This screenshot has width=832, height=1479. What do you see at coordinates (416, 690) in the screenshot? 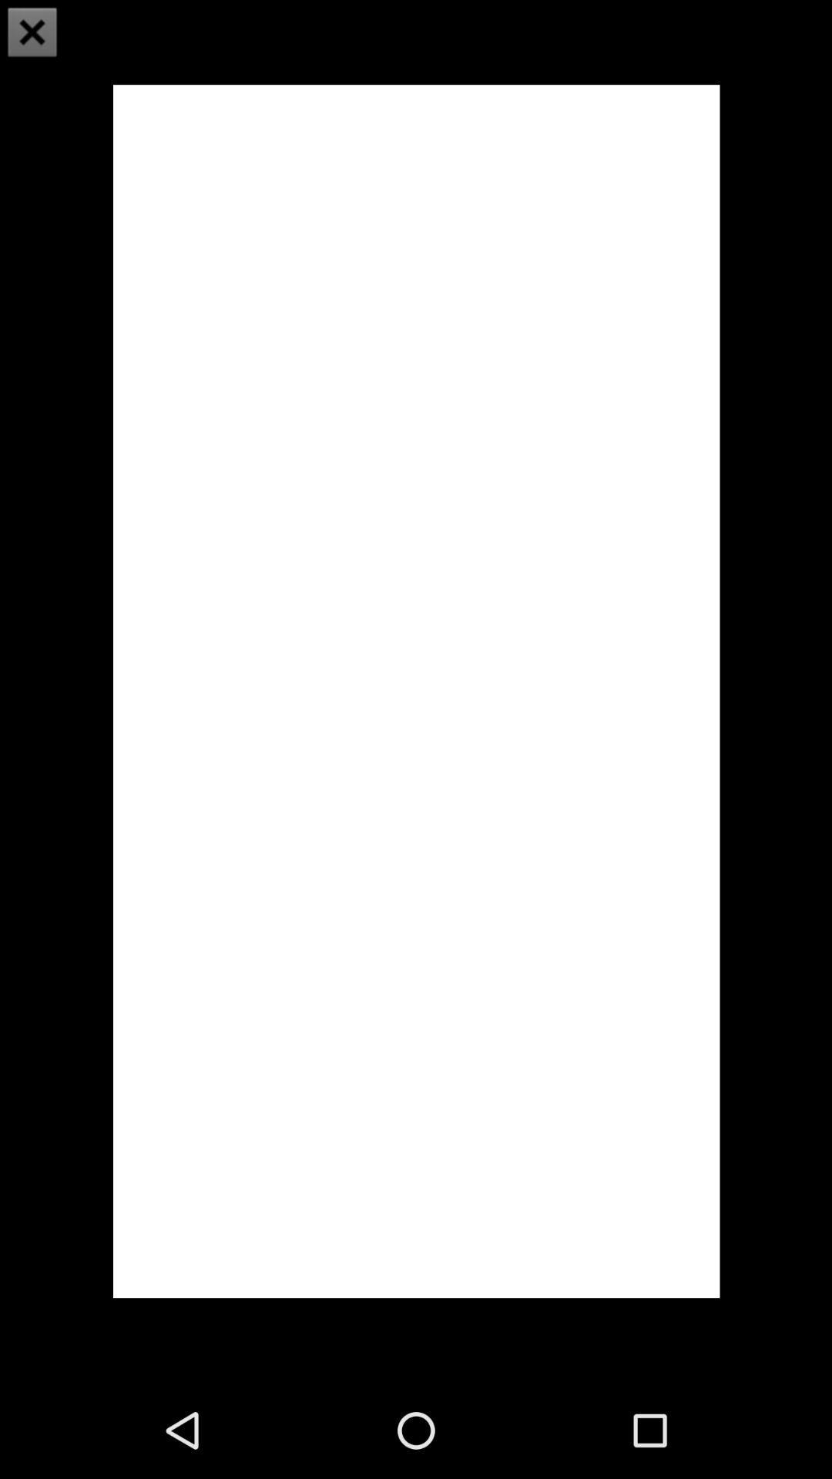
I see `icon at the center` at bounding box center [416, 690].